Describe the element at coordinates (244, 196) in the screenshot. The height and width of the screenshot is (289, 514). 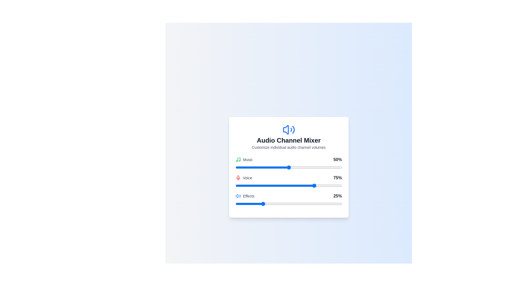
I see `the 'Effects' label with a blue volume icon, located at the leftmost side in the bottom item of the audio channel mixer interface` at that location.